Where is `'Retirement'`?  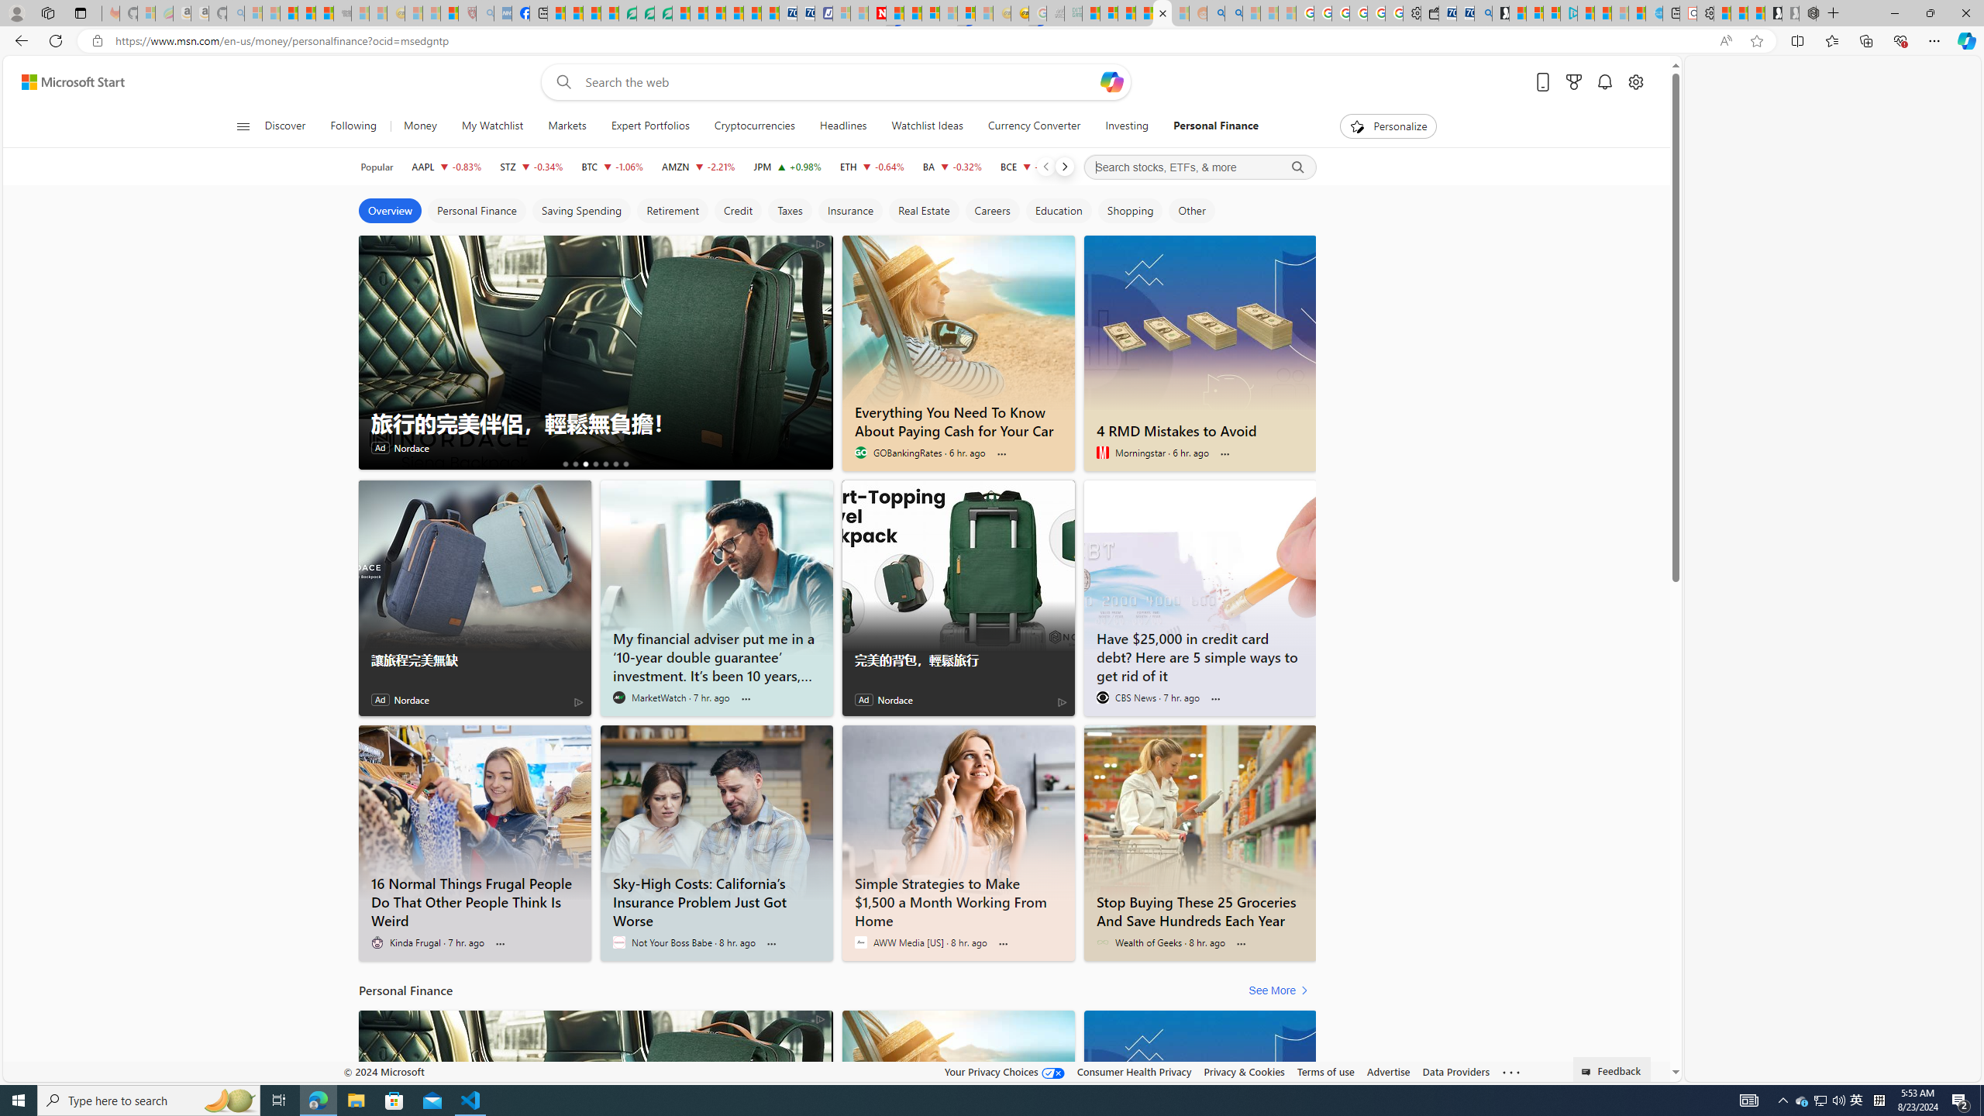 'Retirement' is located at coordinates (672, 210).